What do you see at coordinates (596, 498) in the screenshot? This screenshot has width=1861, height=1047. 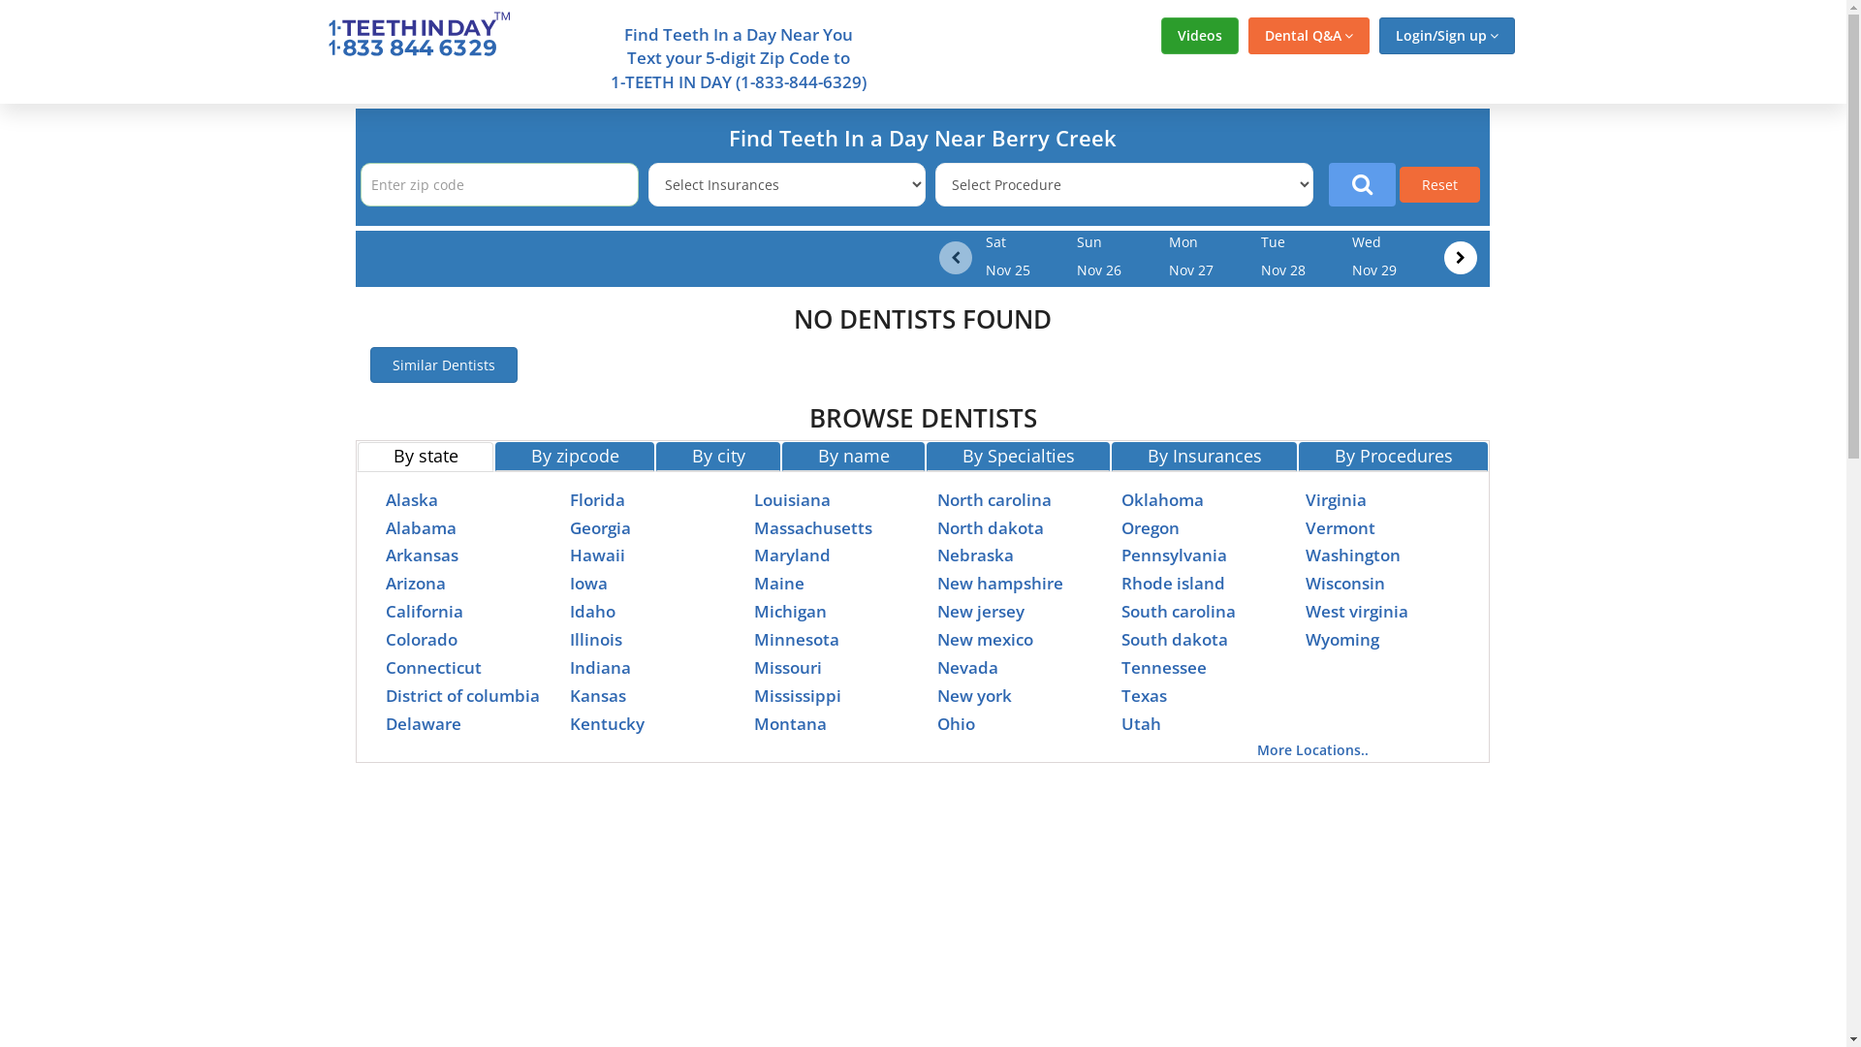 I see `'Florida'` at bounding box center [596, 498].